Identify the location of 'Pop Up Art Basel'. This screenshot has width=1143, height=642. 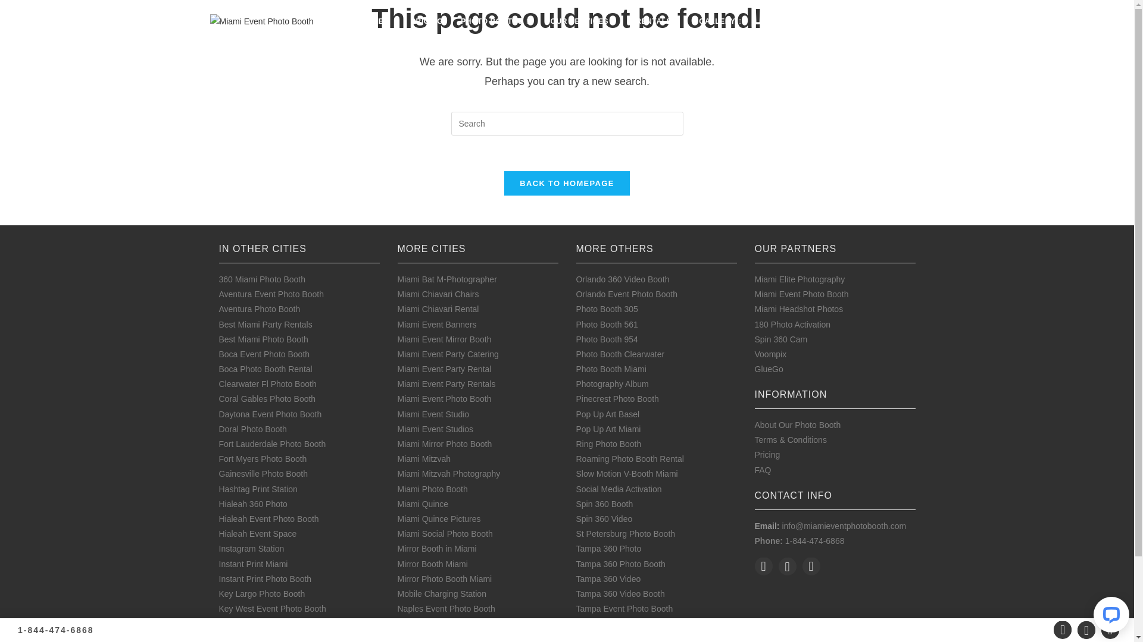
(608, 414).